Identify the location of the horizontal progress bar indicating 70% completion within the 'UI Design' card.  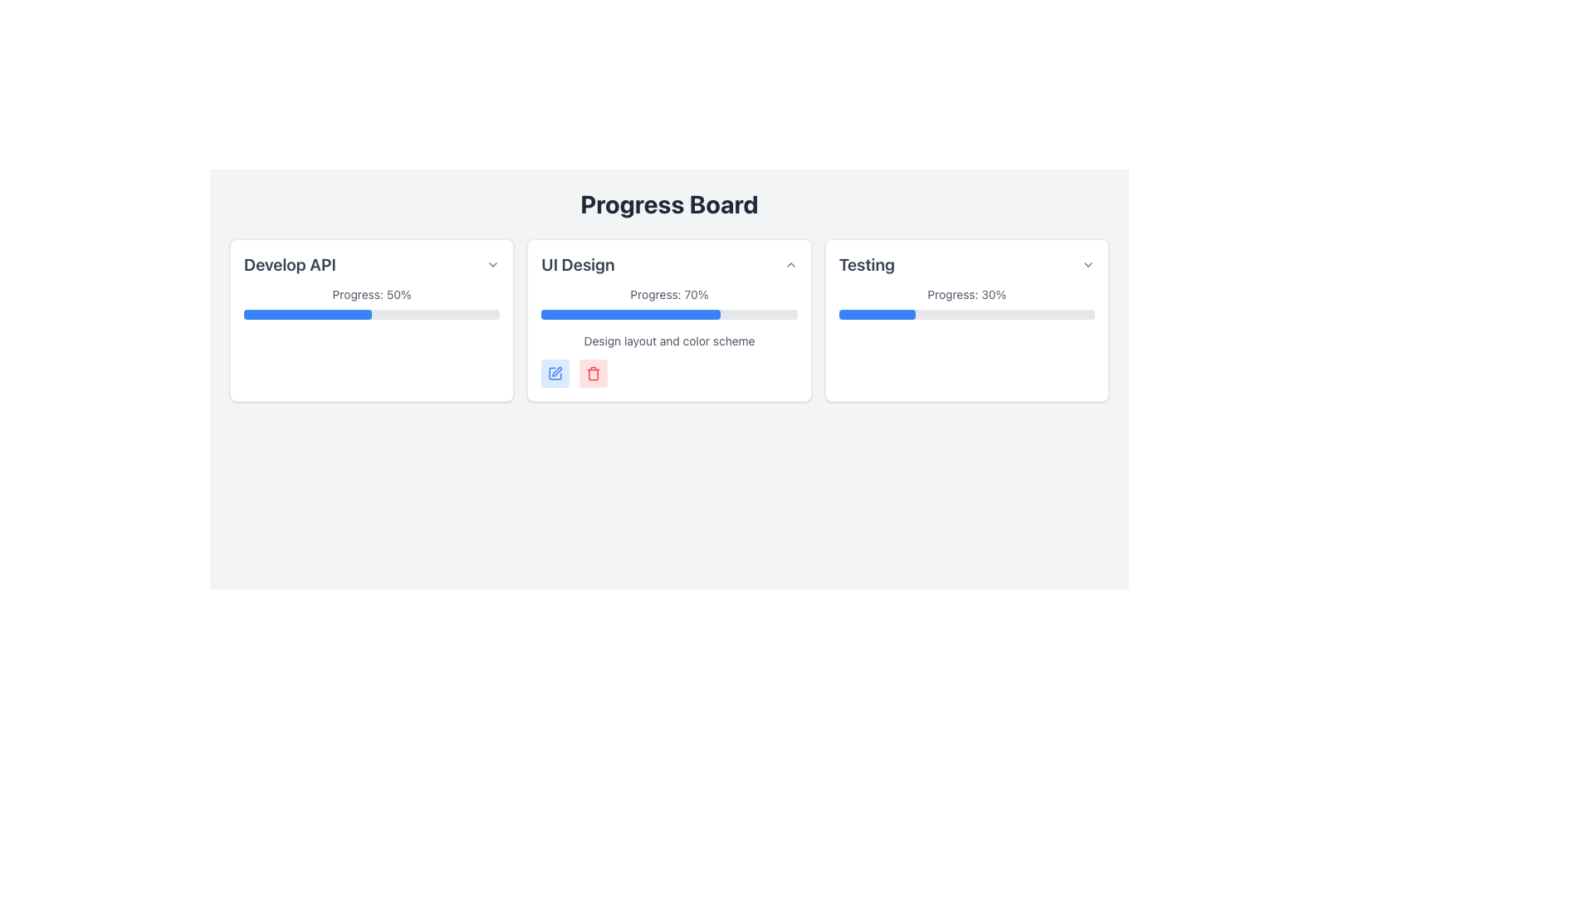
(669, 314).